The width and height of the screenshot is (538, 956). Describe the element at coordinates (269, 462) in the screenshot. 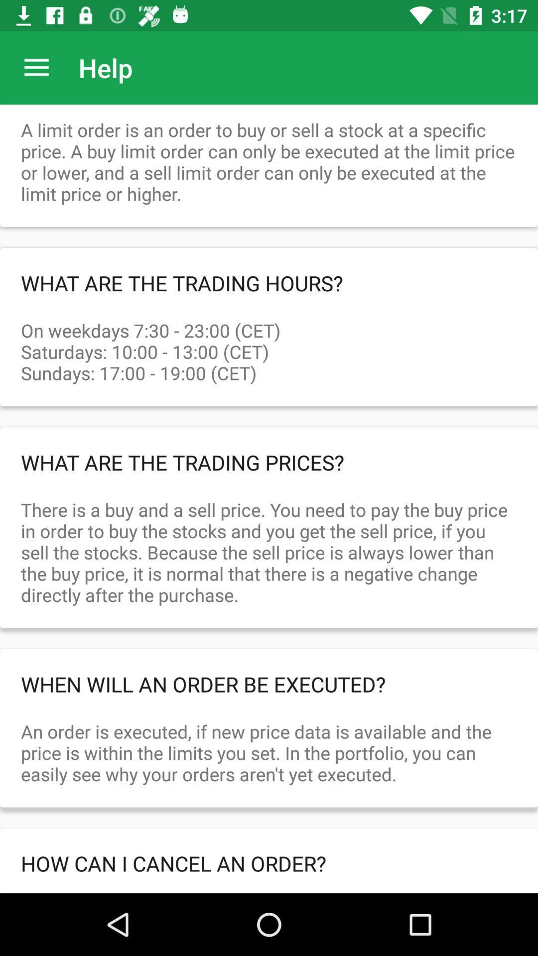

I see `what are the trading prices` at that location.